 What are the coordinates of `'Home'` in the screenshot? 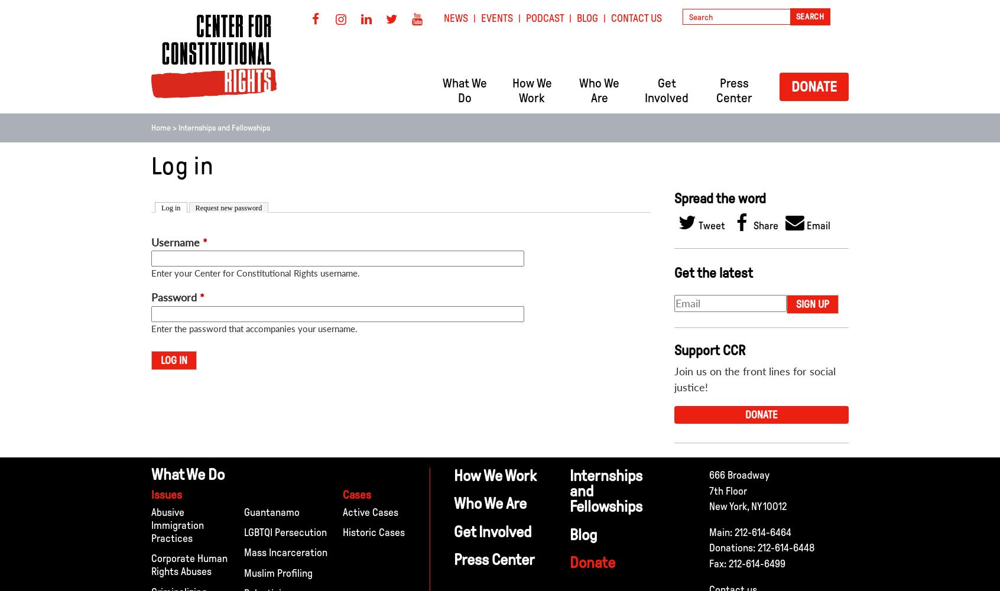 It's located at (151, 127).